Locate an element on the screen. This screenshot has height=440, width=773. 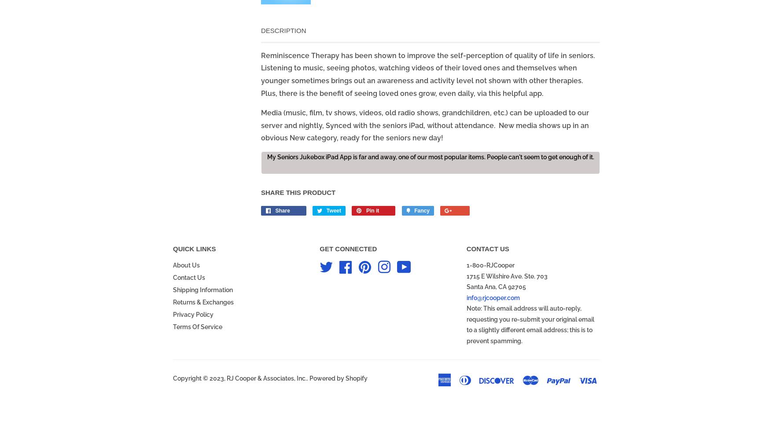
'Share' is located at coordinates (282, 210).